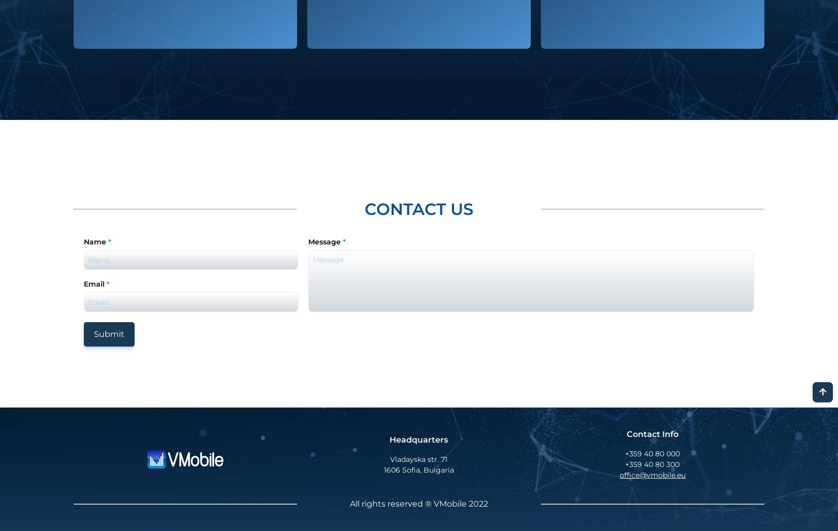 The width and height of the screenshot is (838, 531). What do you see at coordinates (324, 241) in the screenshot?
I see `'Message'` at bounding box center [324, 241].